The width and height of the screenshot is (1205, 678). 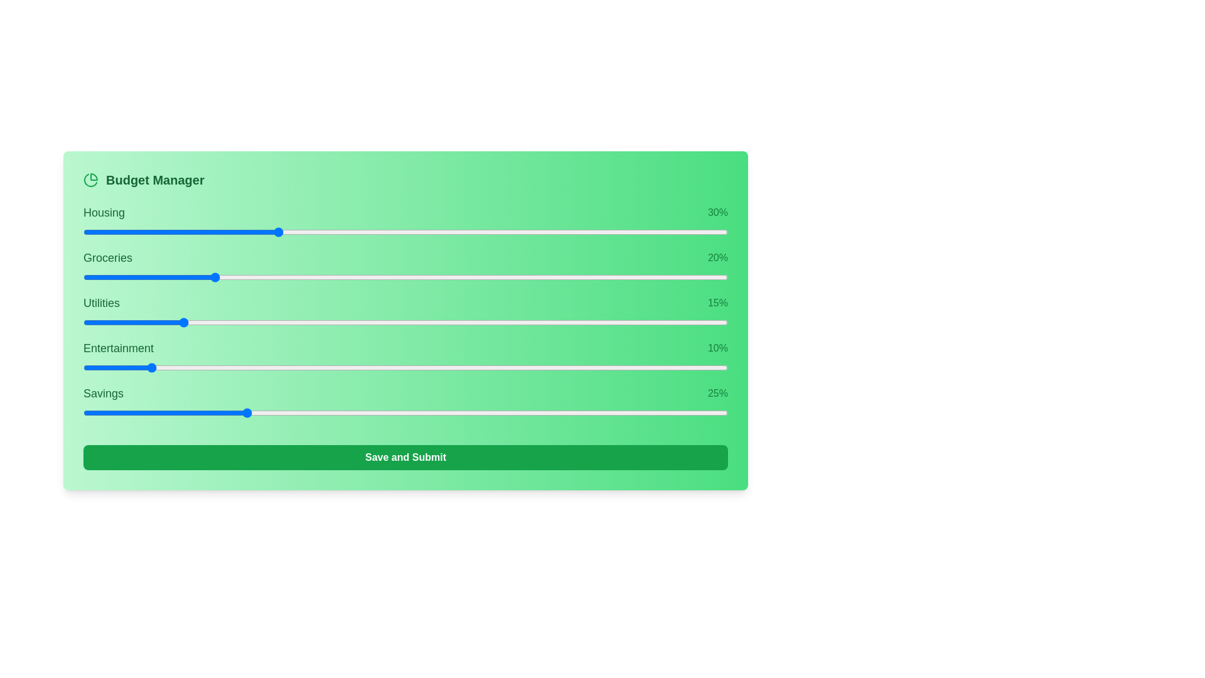 I want to click on the slider for 3 to 53% allocation, so click(x=576, y=367).